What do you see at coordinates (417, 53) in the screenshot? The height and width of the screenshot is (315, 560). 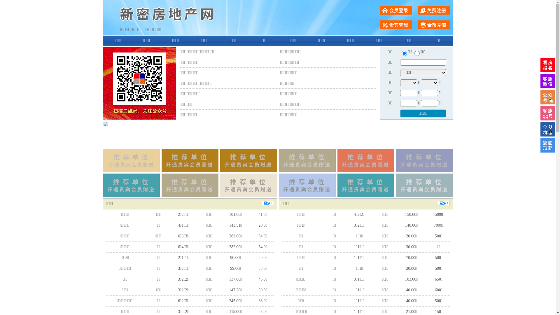 I see `'chuzu'` at bounding box center [417, 53].